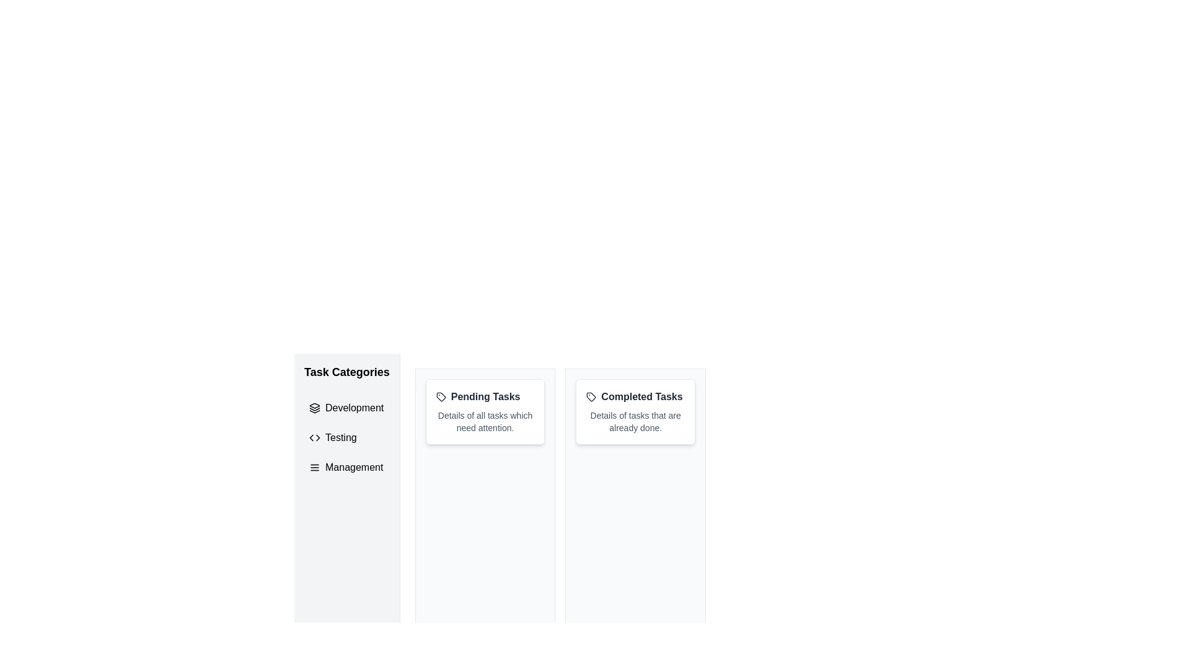 Image resolution: width=1190 pixels, height=669 pixels. I want to click on the right-pointing arrowhead SVG icon located within the 'Testing' entry of the 'Task Categories' sidebar, which signifies coding tasks, so click(318, 437).